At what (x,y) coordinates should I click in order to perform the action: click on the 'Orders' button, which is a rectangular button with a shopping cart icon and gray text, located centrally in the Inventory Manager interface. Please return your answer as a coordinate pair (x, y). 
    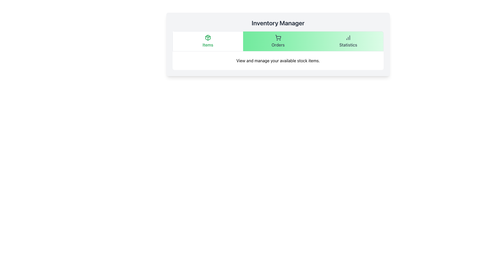
    Looking at the image, I should click on (277, 41).